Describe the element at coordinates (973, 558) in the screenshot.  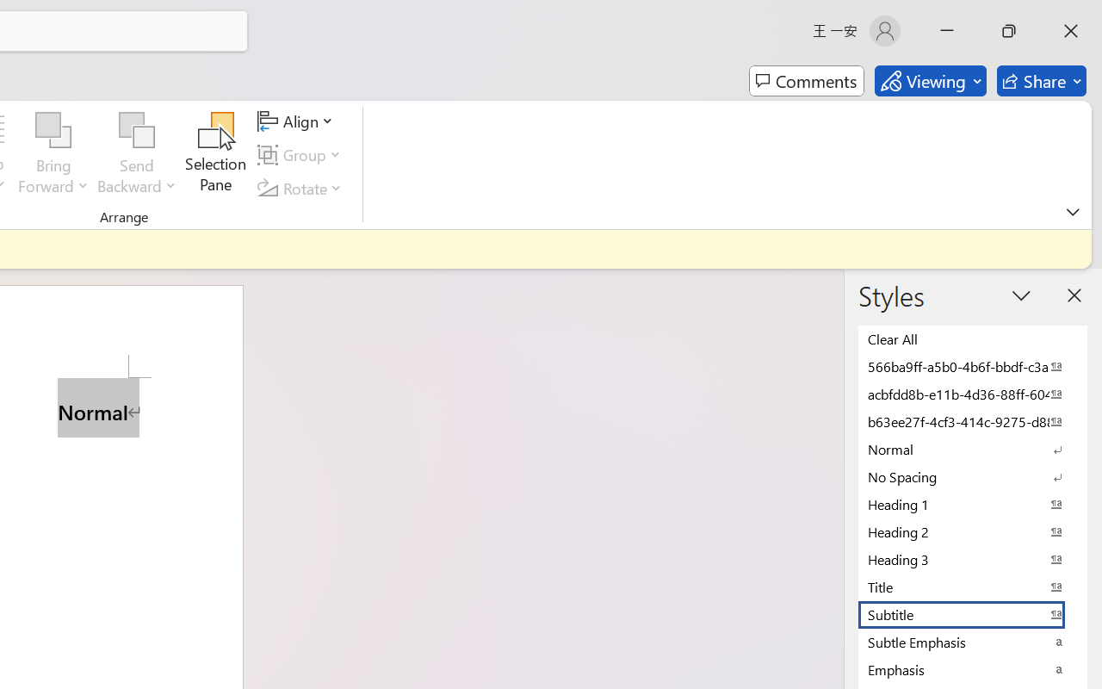
I see `'Heading 3'` at that location.